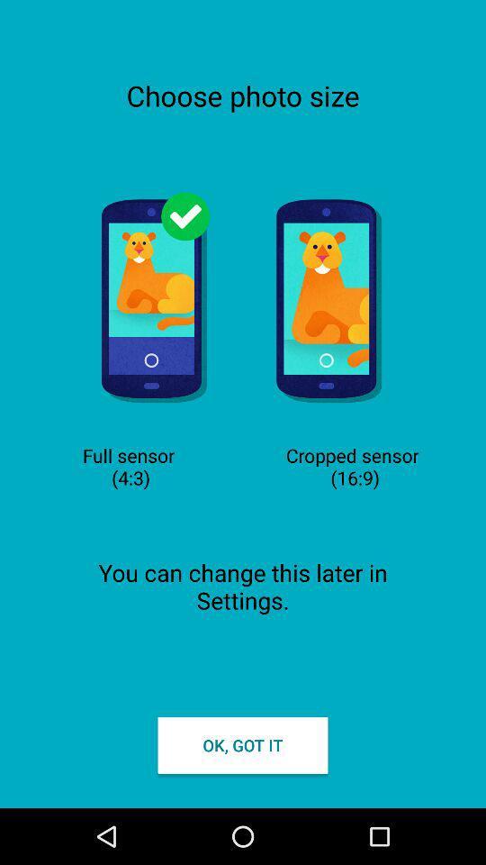  Describe the element at coordinates (243, 745) in the screenshot. I see `the item below you can change app` at that location.